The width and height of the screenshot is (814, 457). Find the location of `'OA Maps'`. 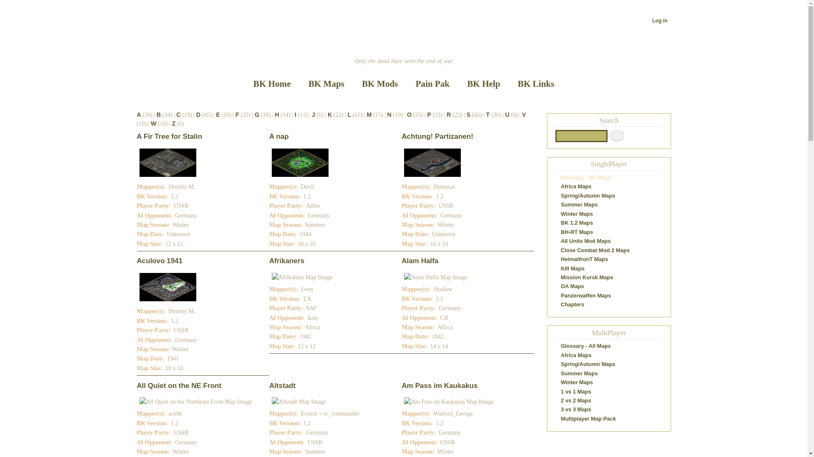

'OA Maps' is located at coordinates (572, 286).